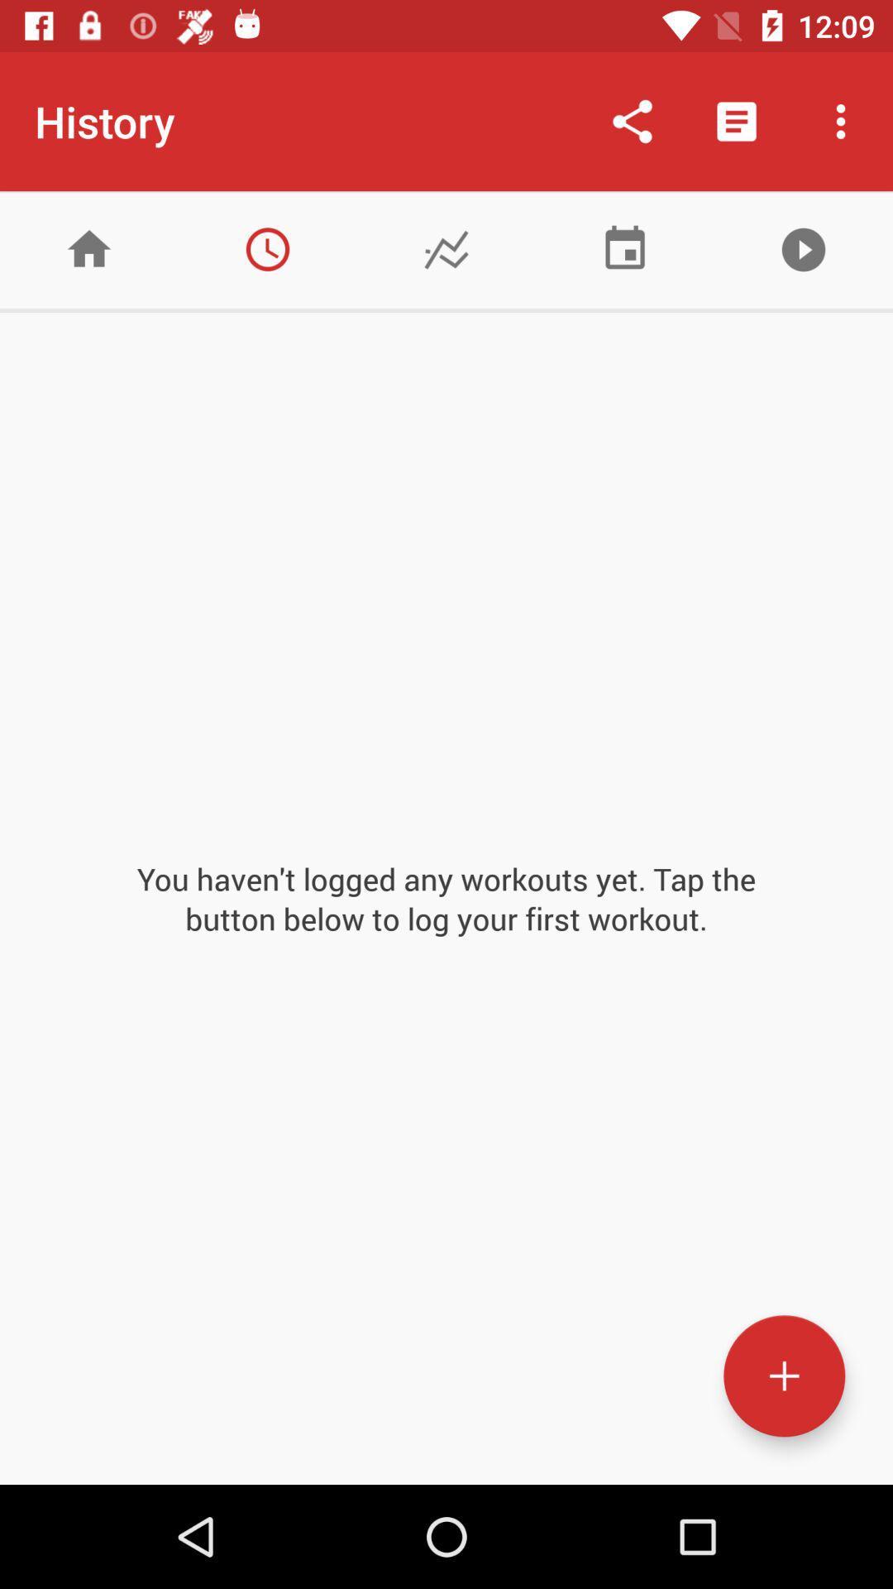 This screenshot has height=1589, width=893. I want to click on time based report, so click(267, 248).